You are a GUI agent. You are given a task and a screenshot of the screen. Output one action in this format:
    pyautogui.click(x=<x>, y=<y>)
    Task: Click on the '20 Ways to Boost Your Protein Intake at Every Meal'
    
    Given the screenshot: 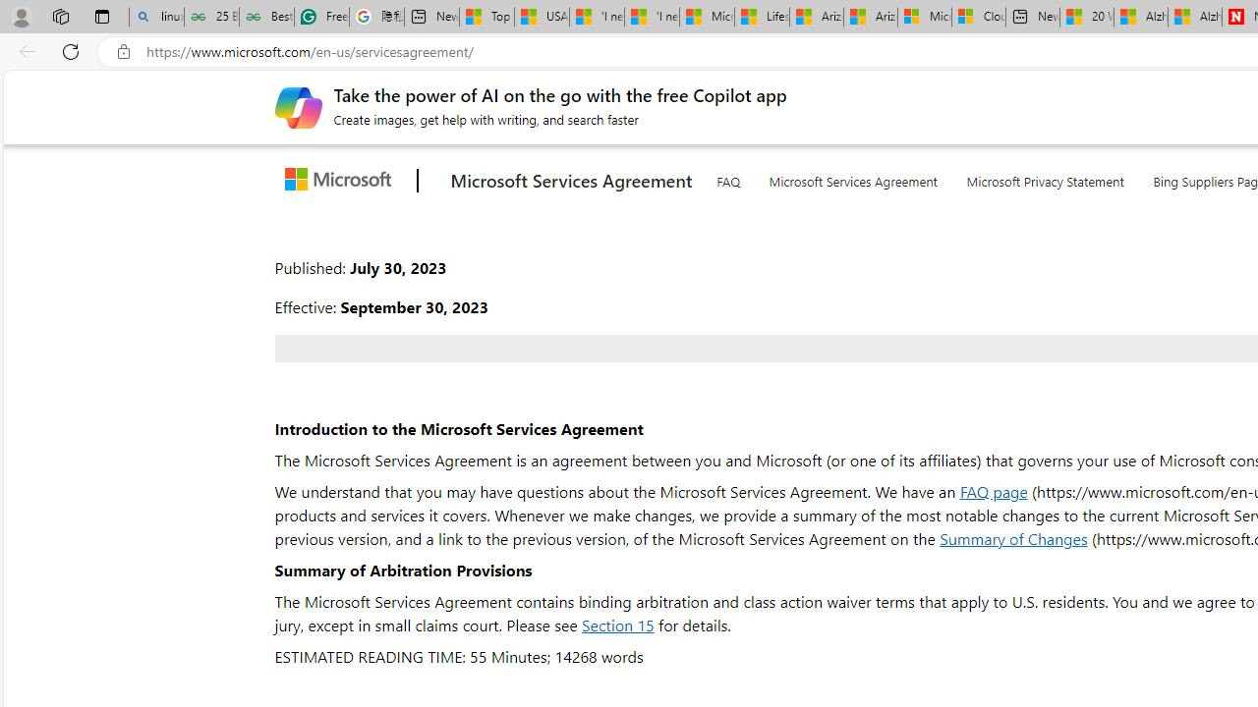 What is the action you would take?
    pyautogui.click(x=1085, y=17)
    